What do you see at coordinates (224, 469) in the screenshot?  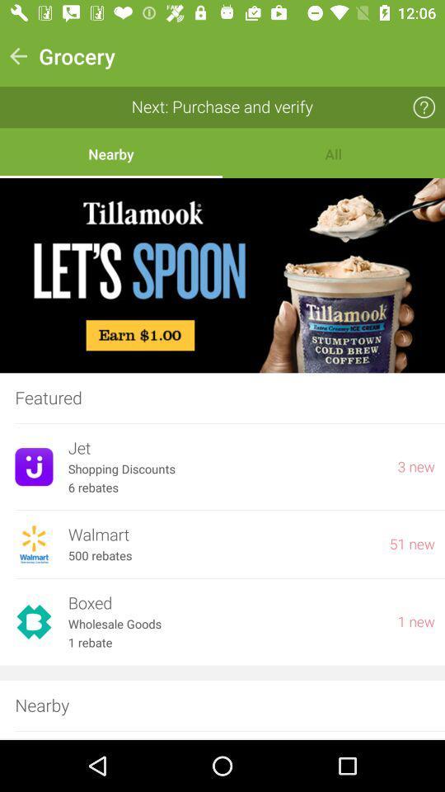 I see `the icon next to 3 new item` at bounding box center [224, 469].